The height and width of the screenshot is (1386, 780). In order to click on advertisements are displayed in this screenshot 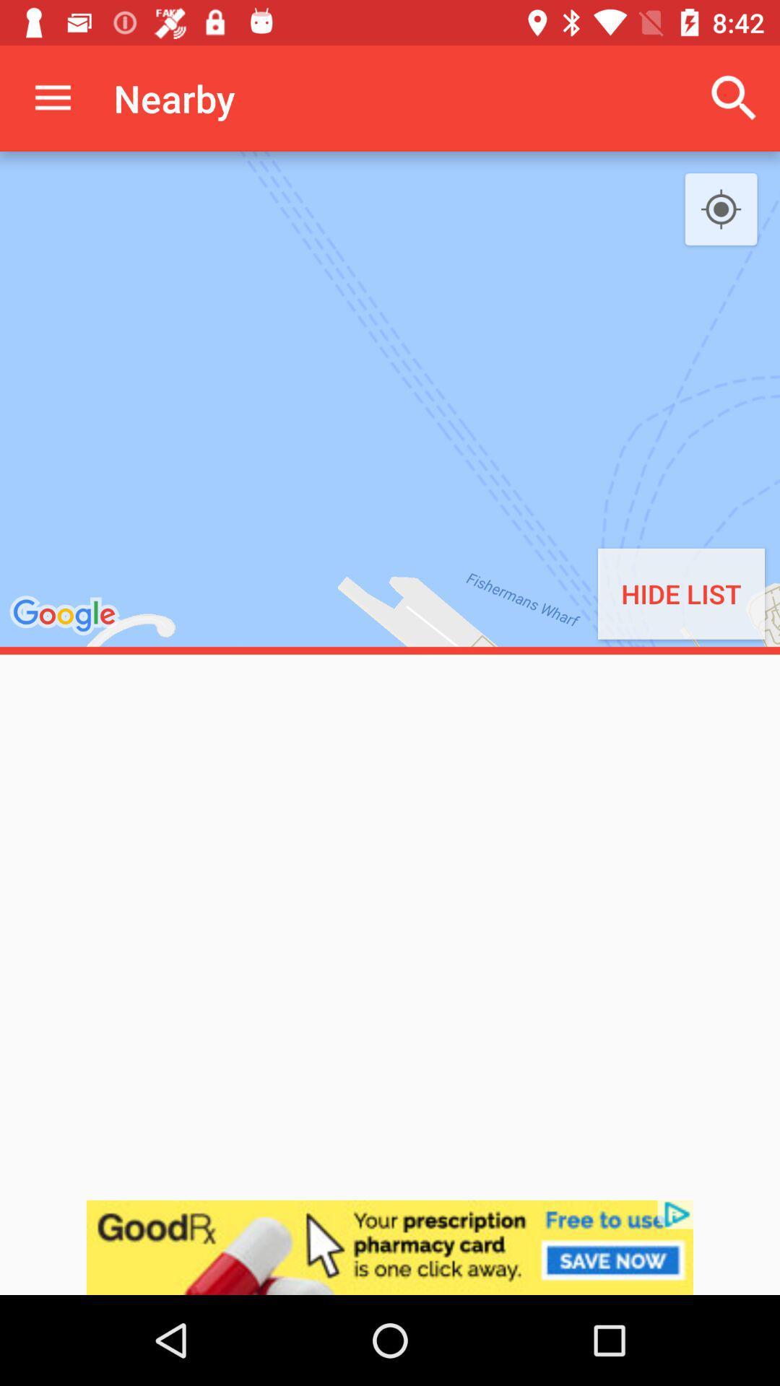, I will do `click(390, 1247)`.